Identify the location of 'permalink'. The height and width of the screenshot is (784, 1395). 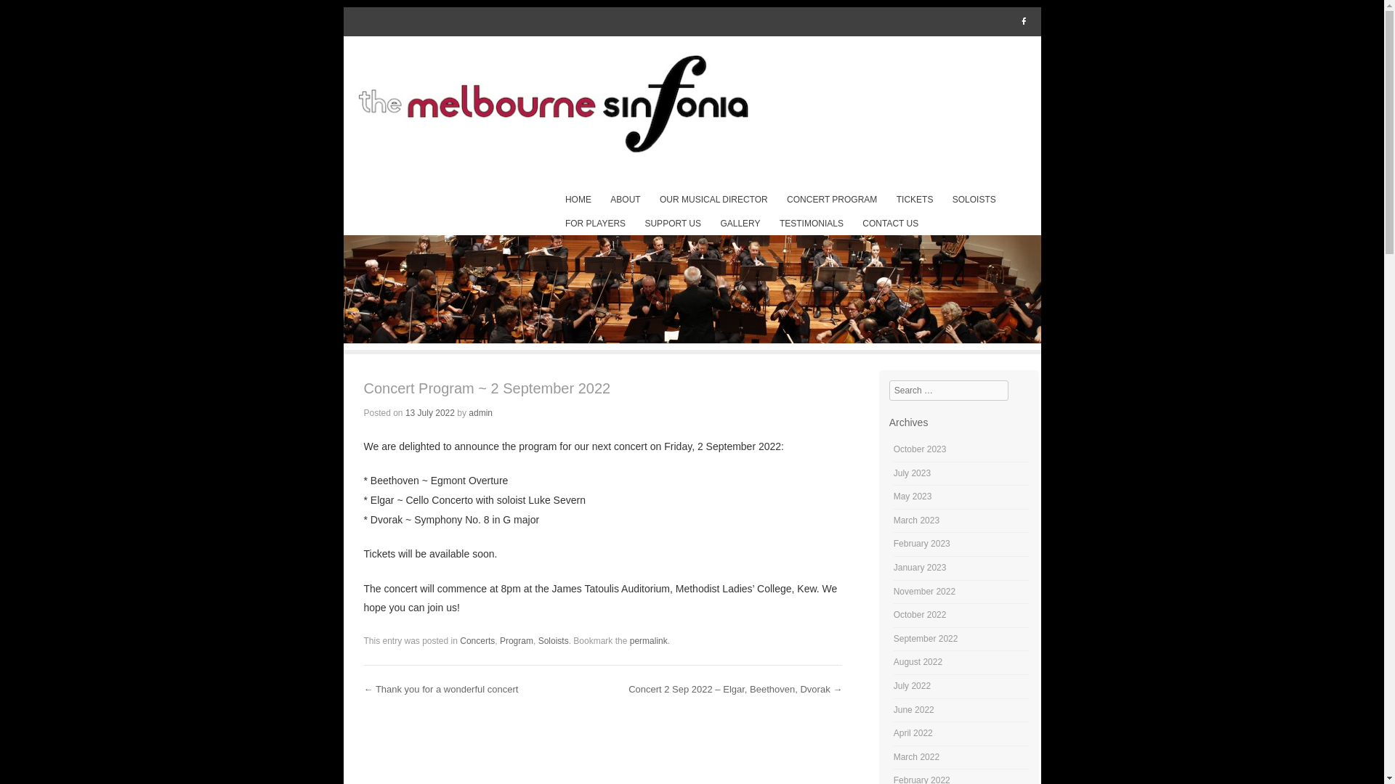
(630, 640).